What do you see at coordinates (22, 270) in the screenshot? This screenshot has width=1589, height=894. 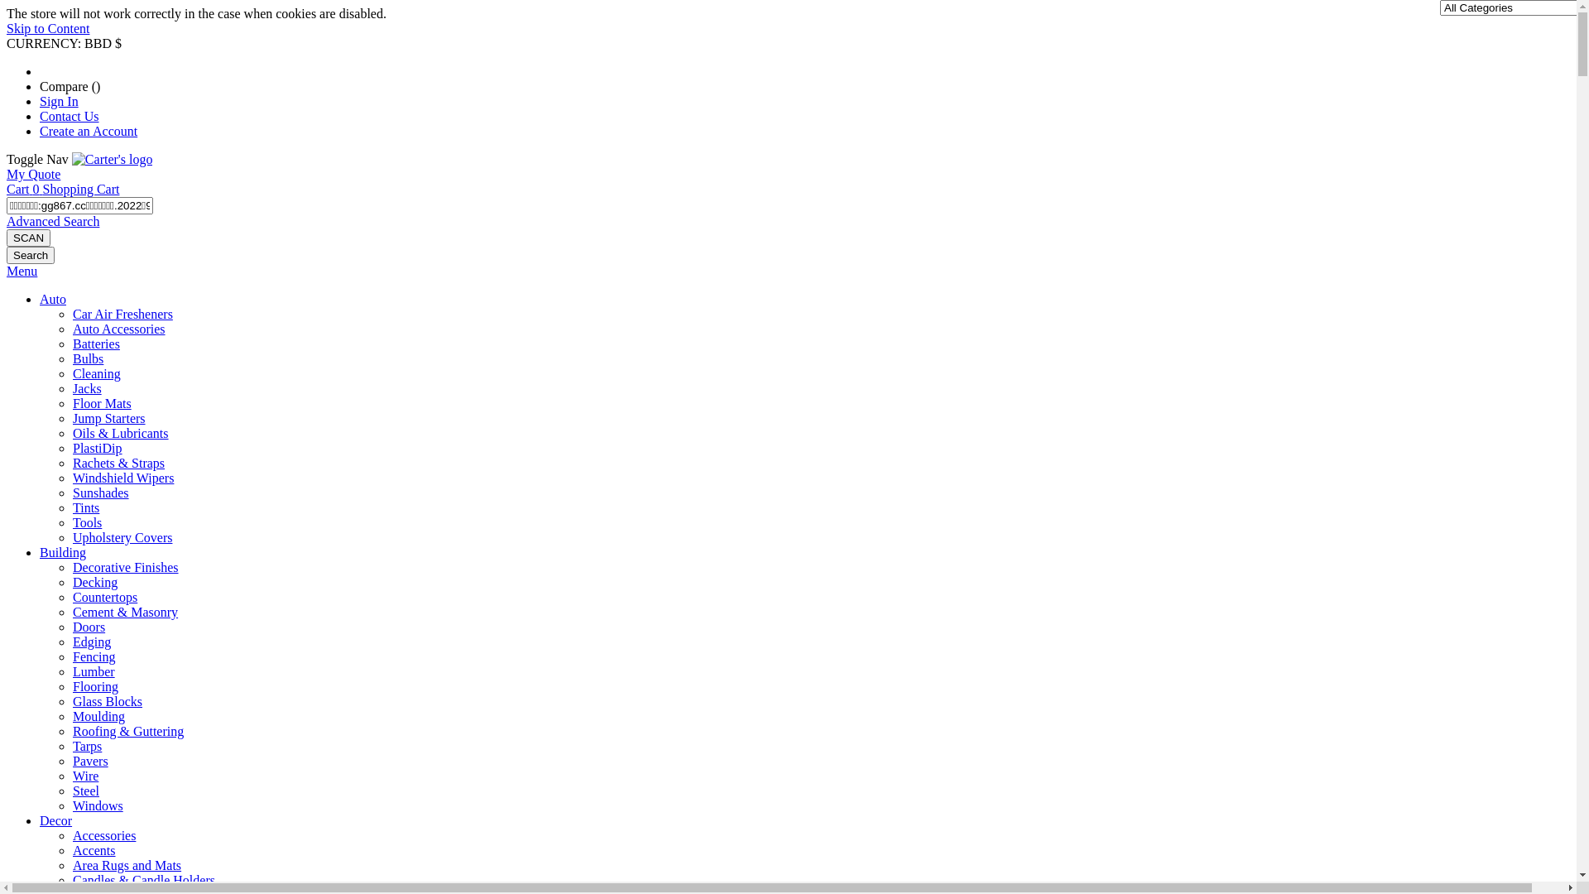 I see `'Menu'` at bounding box center [22, 270].